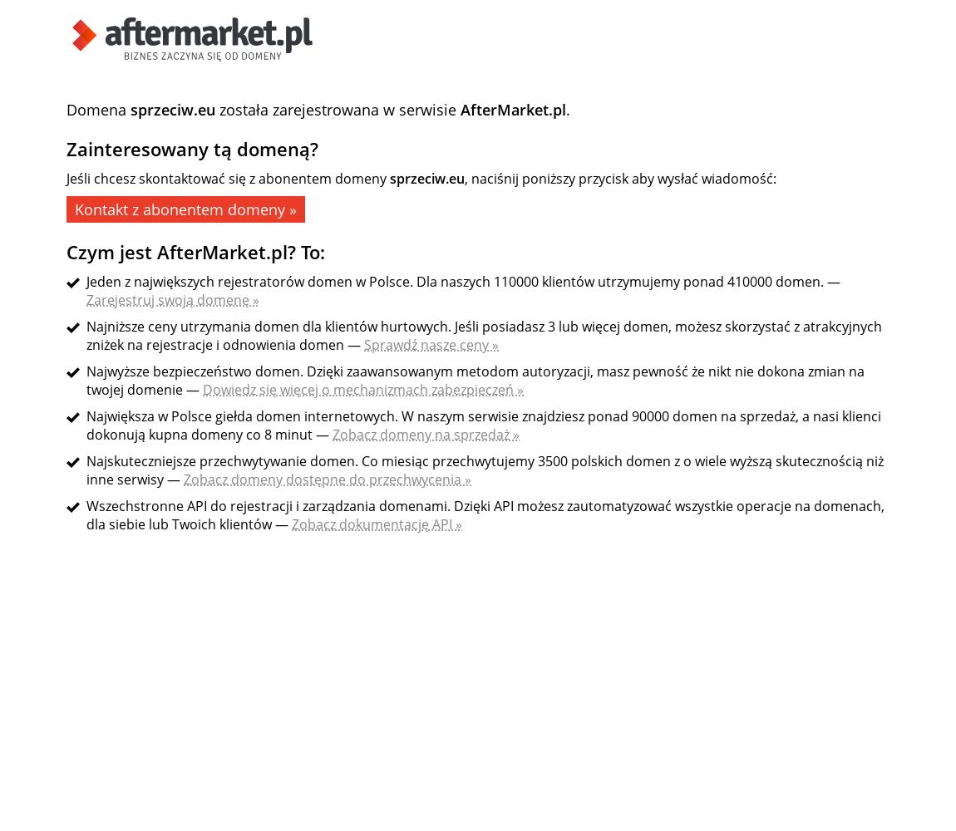 The width and height of the screenshot is (956, 831). I want to click on 'Domena', so click(97, 110).